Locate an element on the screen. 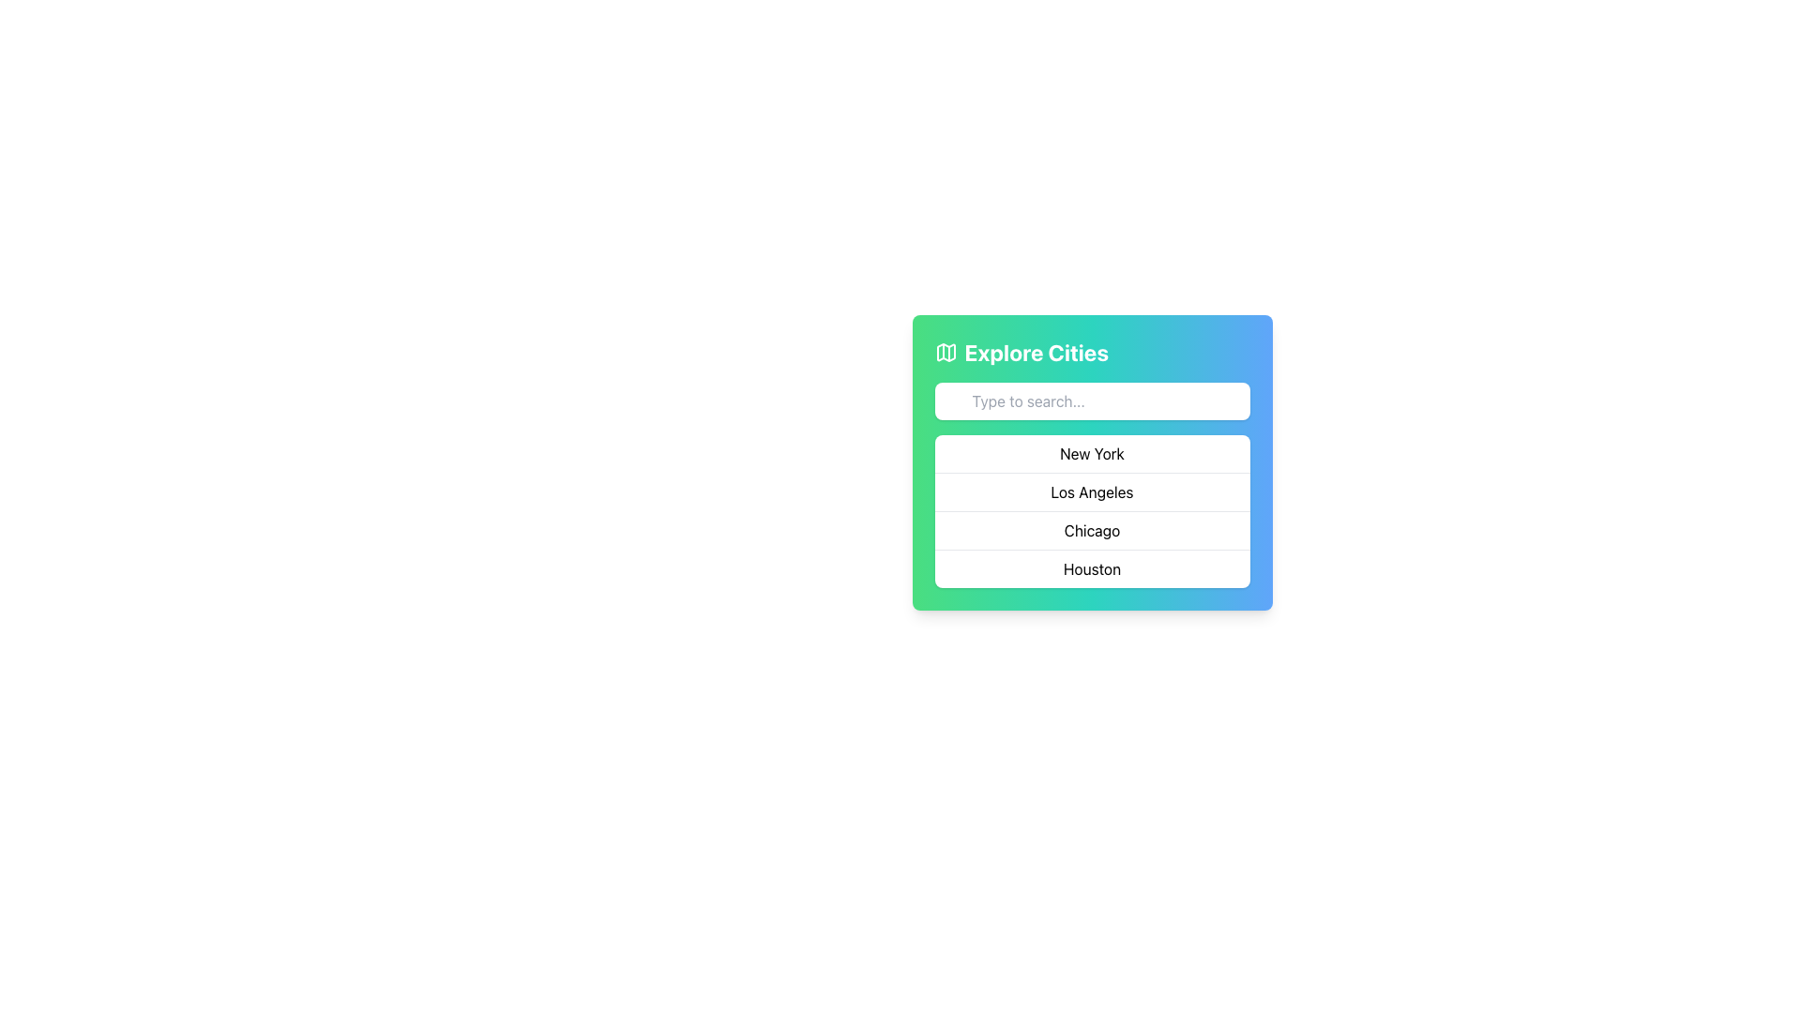 Image resolution: width=1801 pixels, height=1013 pixels. the 'Los Angeles' label in the vertically stacked list of cities is located at coordinates (1092, 491).